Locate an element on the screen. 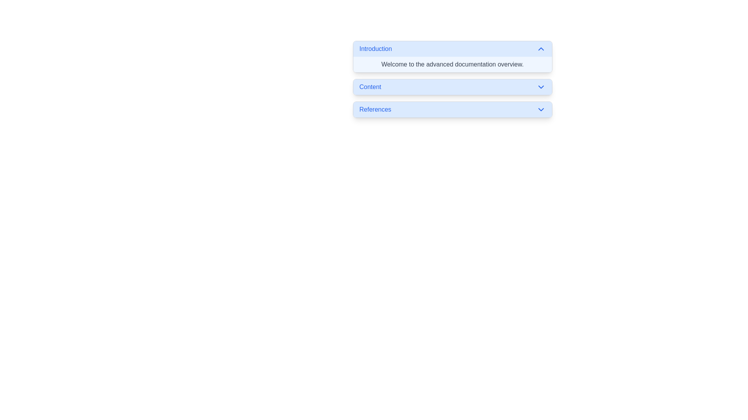 The image size is (748, 420). the dropdown indicator (SVG-based chevron icon) located at the extreme right of the 'References' bar is located at coordinates (540, 109).